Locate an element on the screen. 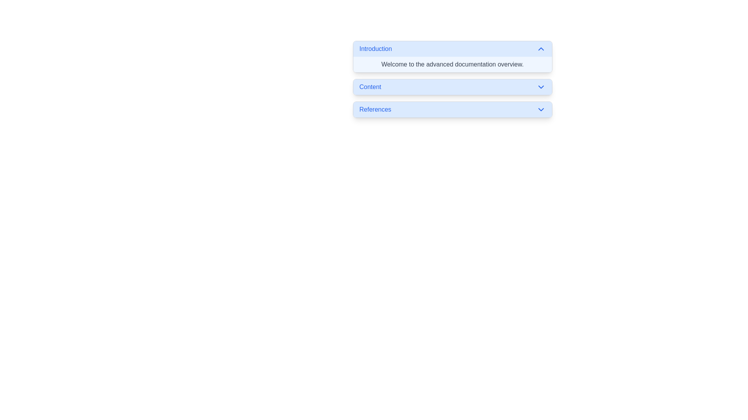 The image size is (748, 420). the dropdown indicator (SVG-based chevron icon) located at the extreme right of the 'References' bar is located at coordinates (540, 109).